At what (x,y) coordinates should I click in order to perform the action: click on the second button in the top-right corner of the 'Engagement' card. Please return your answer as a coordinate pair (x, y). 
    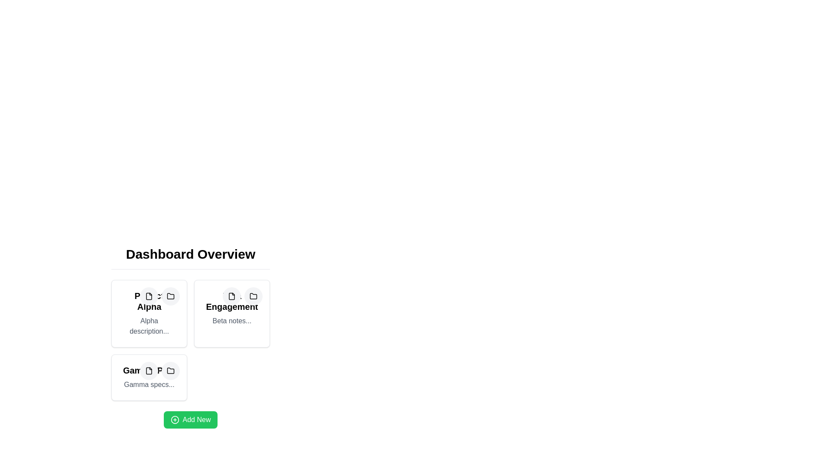
    Looking at the image, I should click on (253, 296).